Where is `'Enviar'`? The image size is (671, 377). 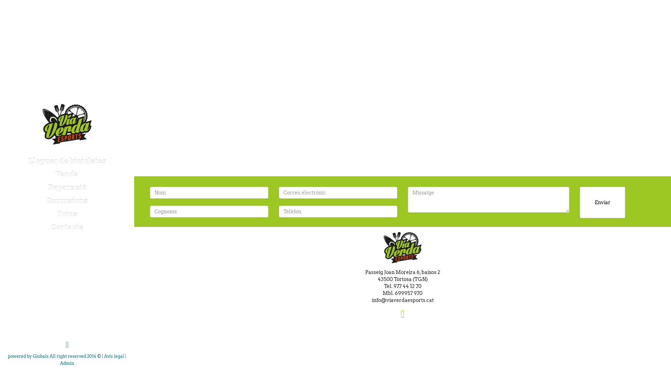 'Enviar' is located at coordinates (602, 202).